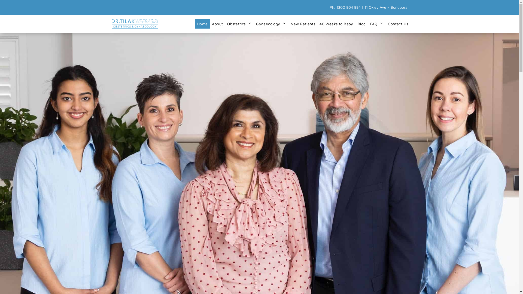  What do you see at coordinates (209, 23) in the screenshot?
I see `'About'` at bounding box center [209, 23].